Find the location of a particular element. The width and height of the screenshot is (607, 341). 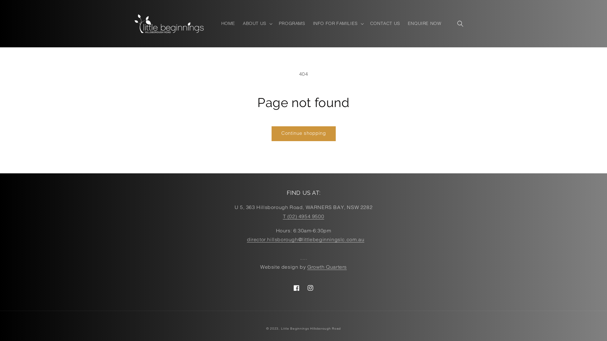

'T (02) 4954 9500' is located at coordinates (282, 216).